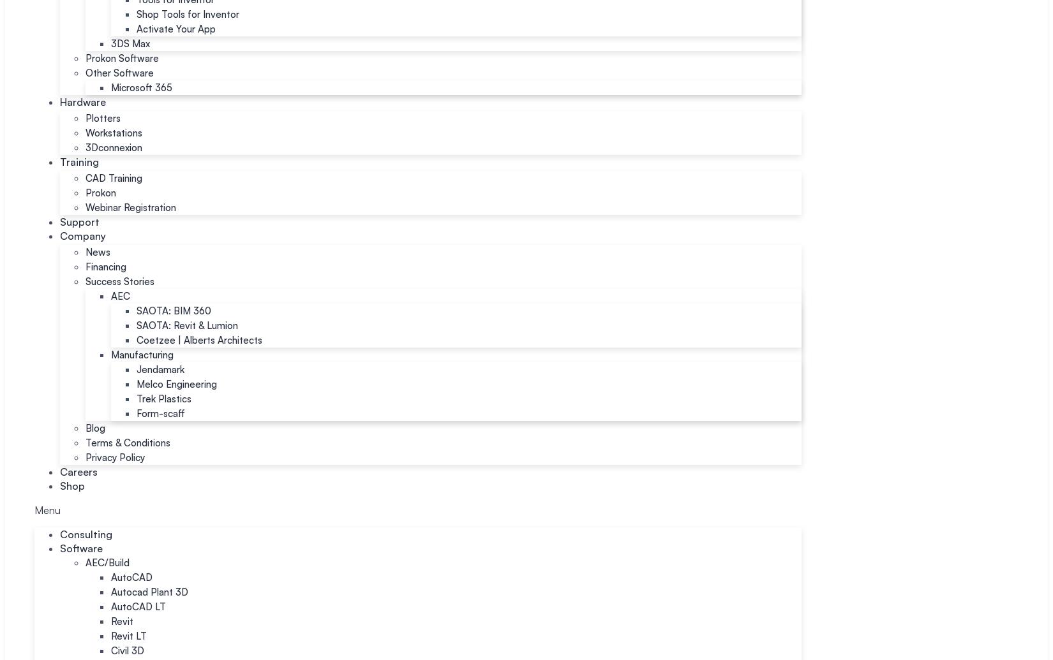  I want to click on 'AEC/Build', so click(85, 562).